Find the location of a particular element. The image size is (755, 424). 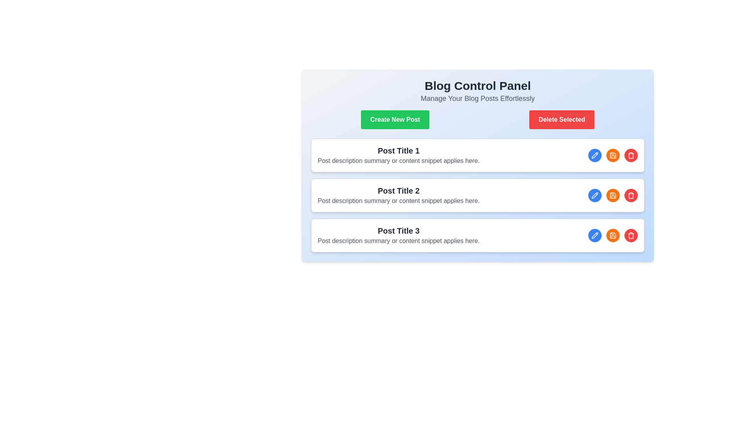

the 'Create New Post' button, which is a green rectangular button with white bold text is located at coordinates (394, 119).